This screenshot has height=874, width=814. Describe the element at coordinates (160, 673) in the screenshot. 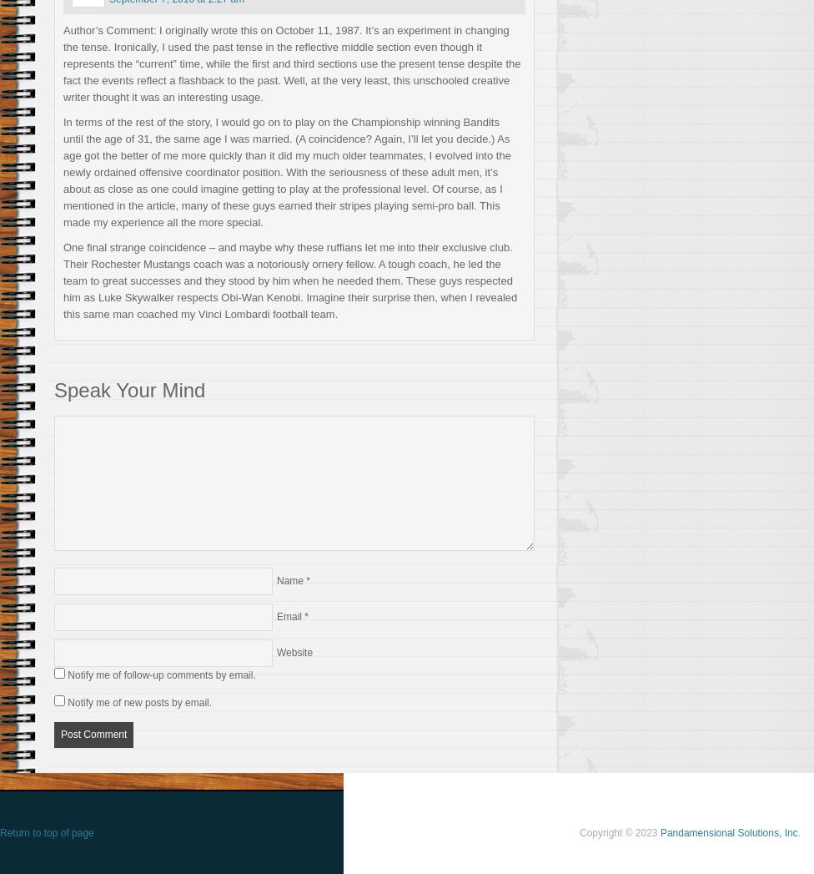

I see `'Notify me of follow-up comments by email.'` at that location.